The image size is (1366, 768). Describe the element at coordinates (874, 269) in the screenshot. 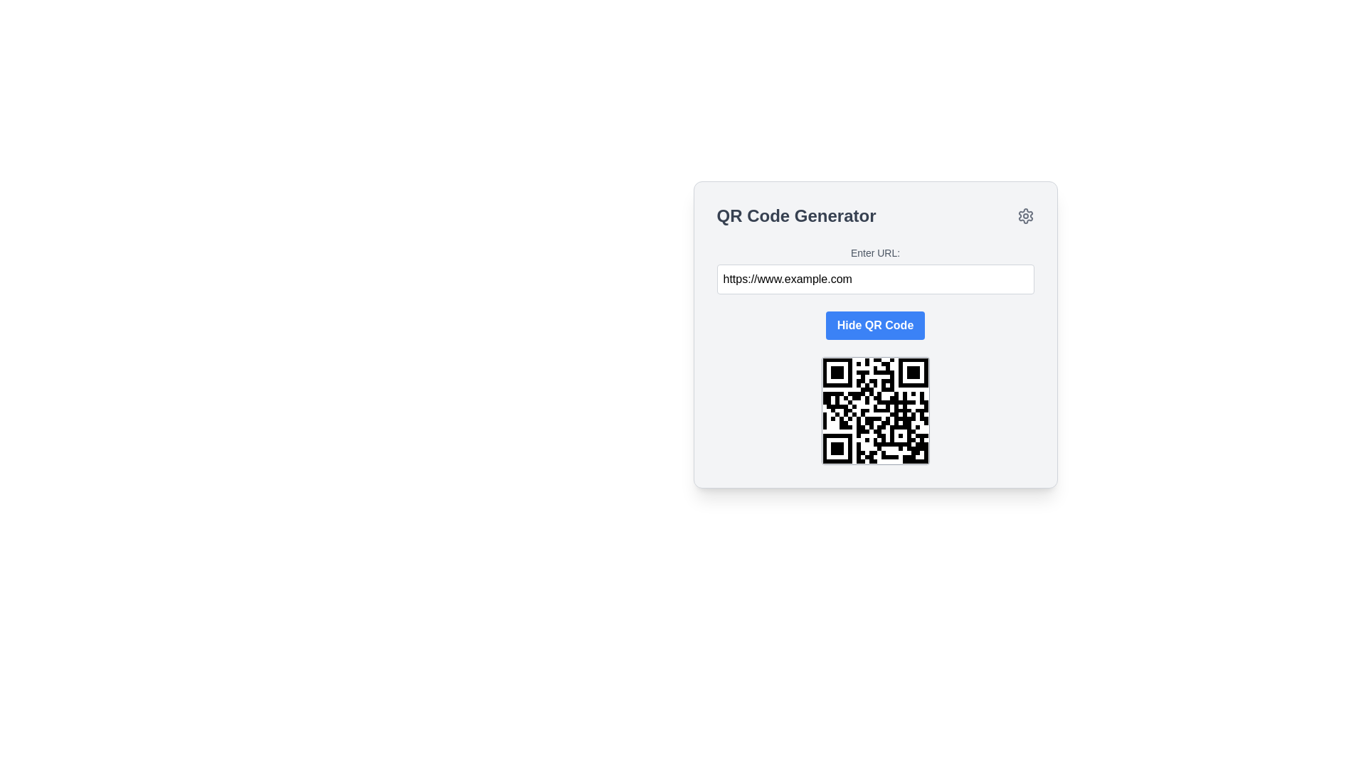

I see `inside the white input field labeled 'Enter URL:' to focus on it` at that location.